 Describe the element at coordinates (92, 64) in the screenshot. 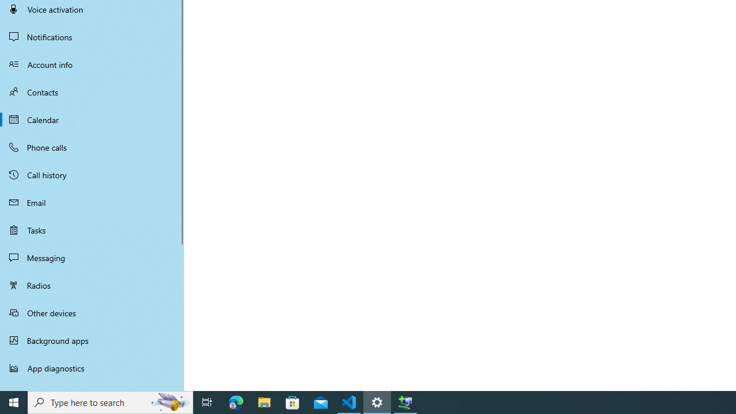

I see `'Account info'` at that location.